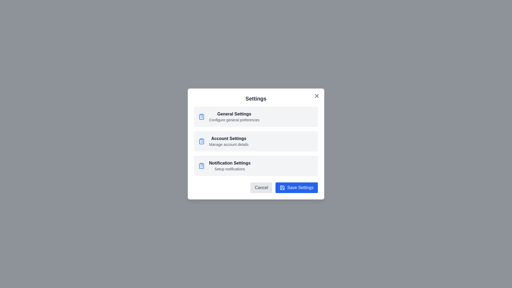 This screenshot has height=288, width=512. I want to click on the 'Notification Settings' static text panel, which displays 'Notification Settings' in bold dark style and 'Setup notifications' in smaller, lighter style, located in a modal interface as the third option in a vertically aligned list, so click(230, 165).